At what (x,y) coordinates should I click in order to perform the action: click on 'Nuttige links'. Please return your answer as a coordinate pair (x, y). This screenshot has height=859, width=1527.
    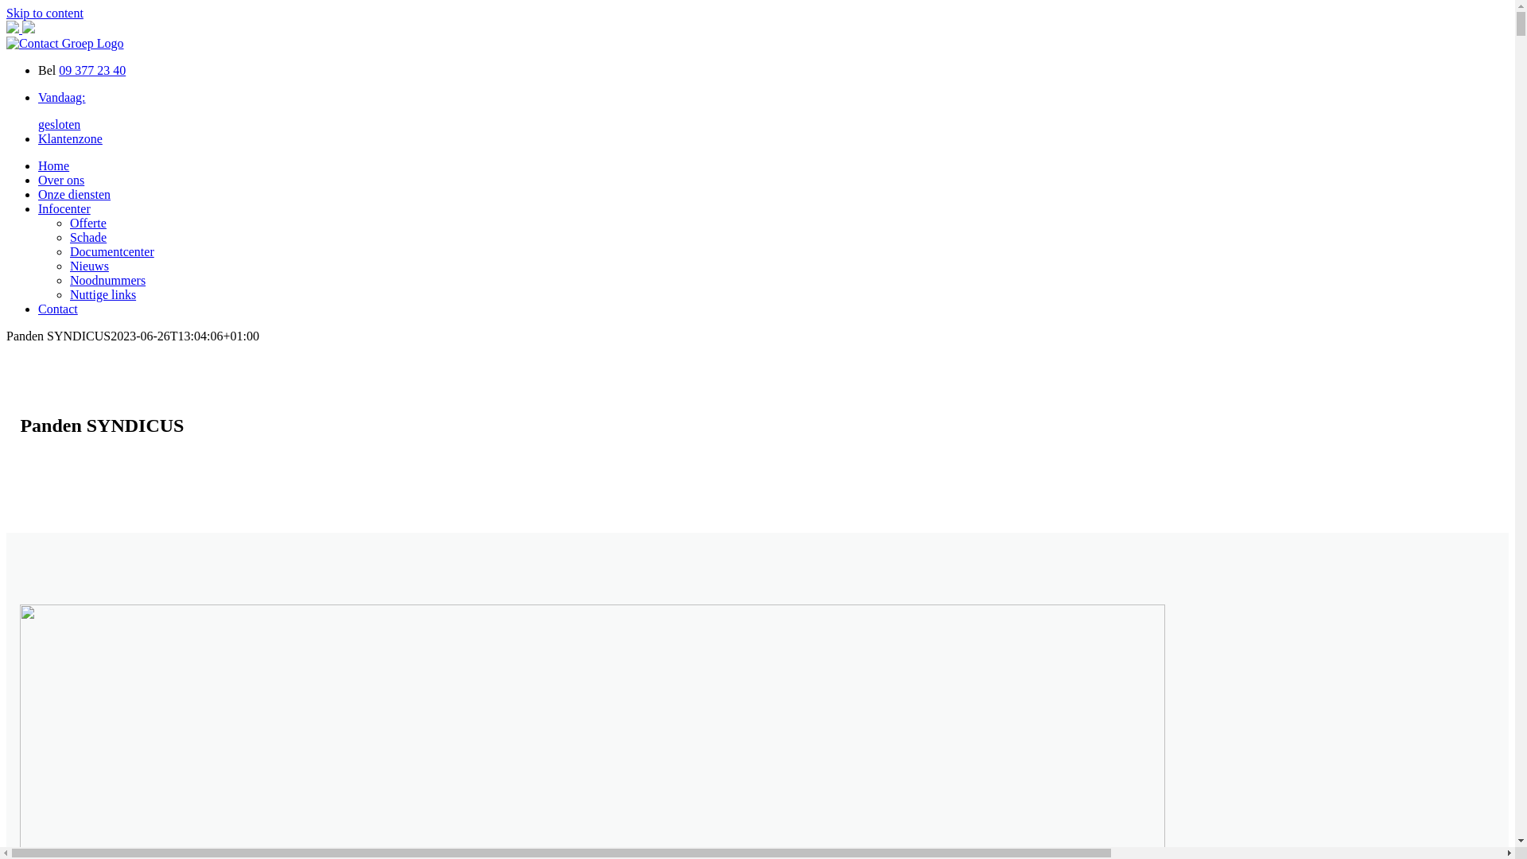
    Looking at the image, I should click on (102, 294).